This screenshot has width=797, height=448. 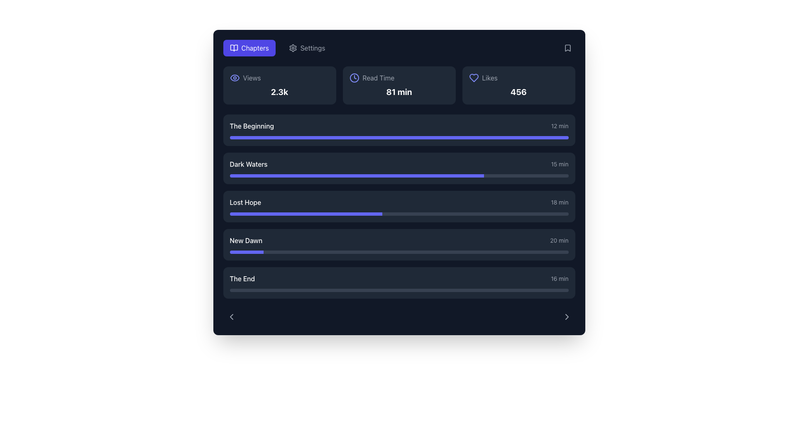 What do you see at coordinates (306, 214) in the screenshot?
I see `the indigo-colored progress bar segment that represents completion under the 'Lost Hope' label` at bounding box center [306, 214].